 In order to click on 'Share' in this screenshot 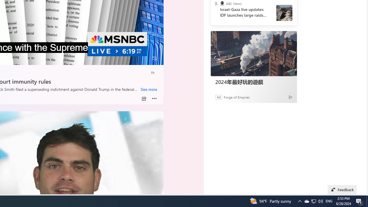, I will do `click(144, 98)`.